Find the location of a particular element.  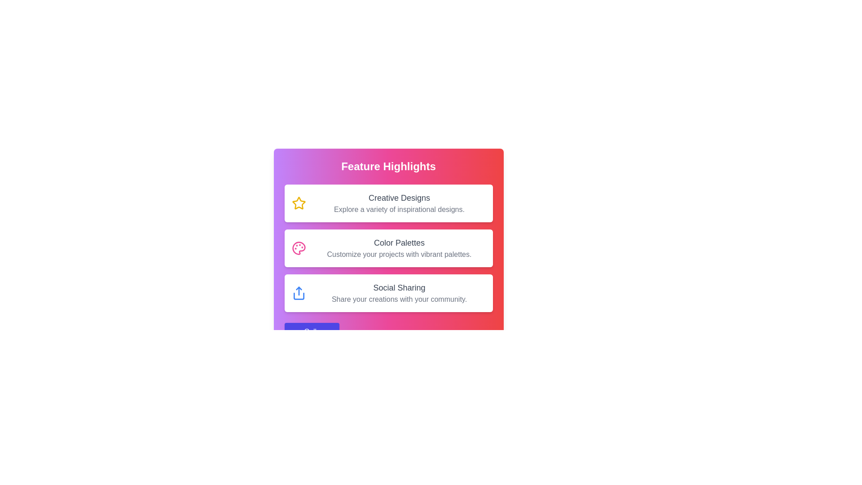

the Text Heading located at the top of the bottom card in the 'Feature Highlights' section is located at coordinates (399, 287).